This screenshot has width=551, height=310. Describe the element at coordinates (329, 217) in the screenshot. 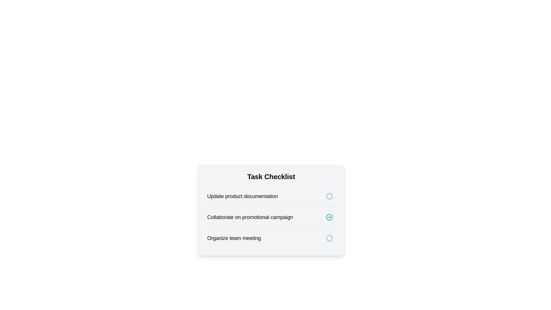

I see `the SVG-based green circle with a checkmark icon, indicating a completed task, located to the right of the second task row in the checklist interface` at that location.